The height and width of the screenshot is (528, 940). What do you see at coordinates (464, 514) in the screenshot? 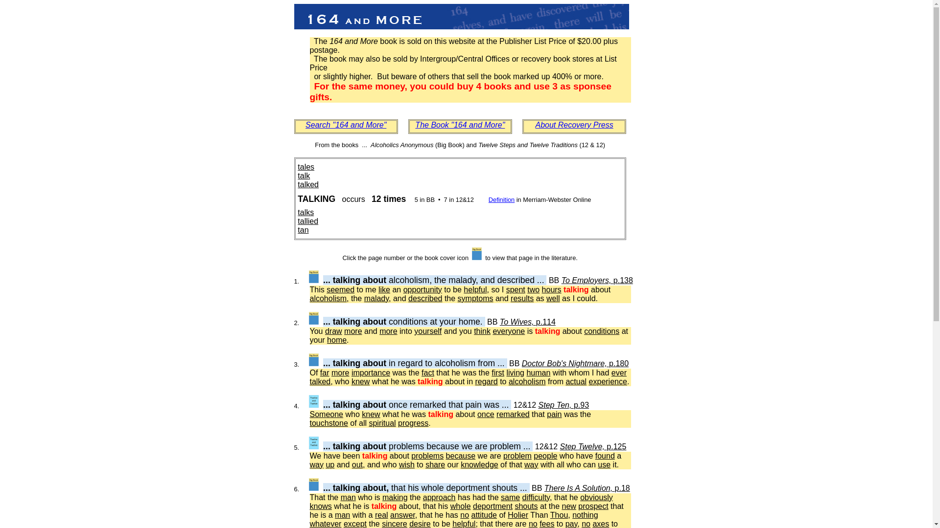
I see `'no'` at bounding box center [464, 514].